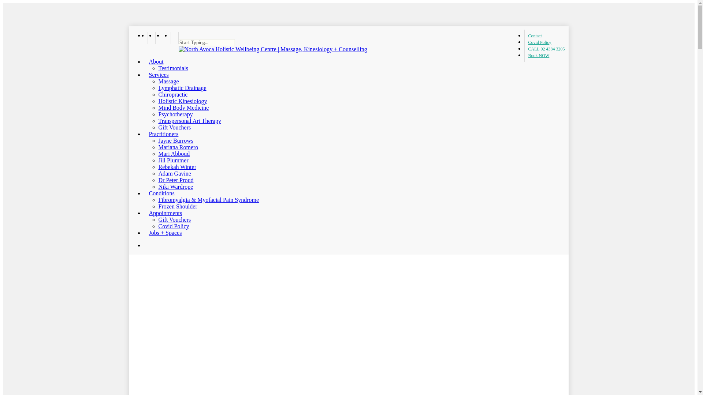 The height and width of the screenshot is (395, 703). I want to click on 'CALL 02 4384 3205', so click(524, 49).